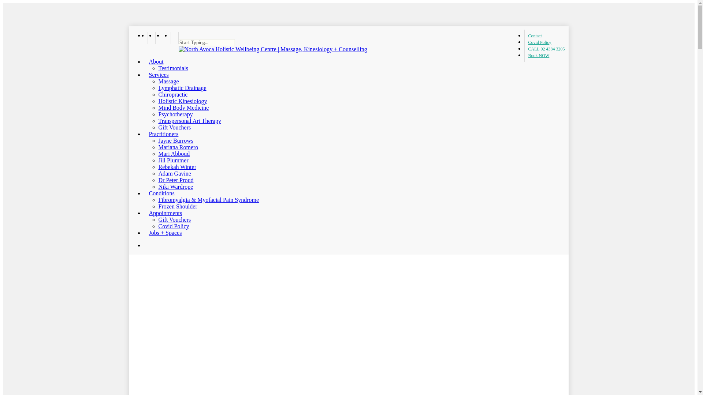 The height and width of the screenshot is (395, 703). I want to click on 'CALL 02 4384 3205', so click(524, 49).